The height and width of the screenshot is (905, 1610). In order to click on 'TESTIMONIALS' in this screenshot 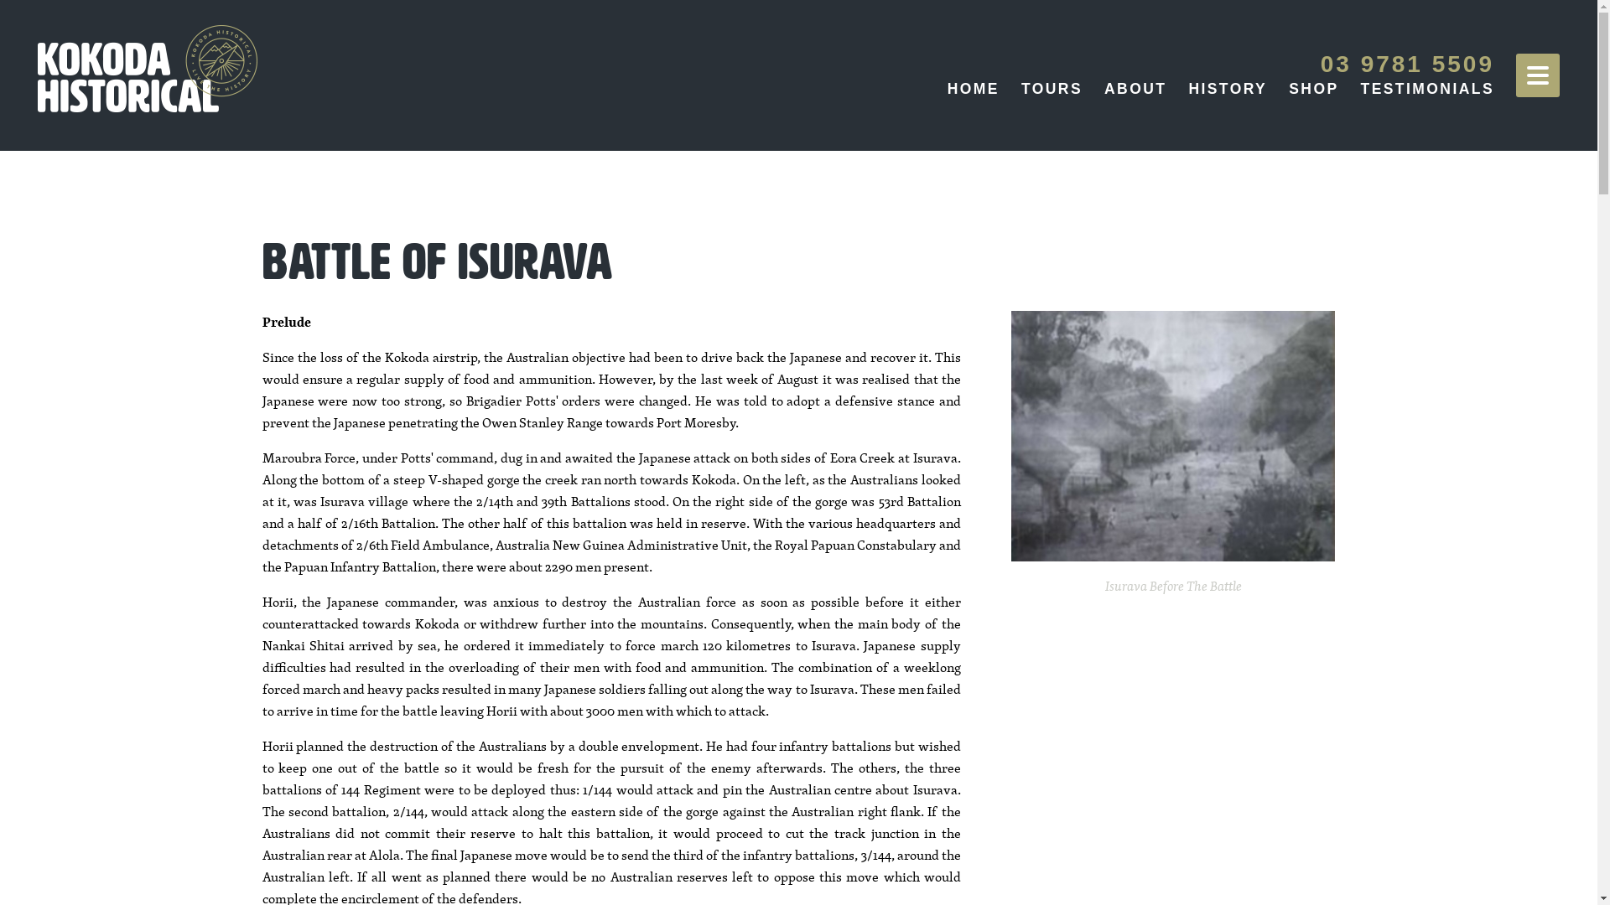, I will do `click(1426, 88)`.